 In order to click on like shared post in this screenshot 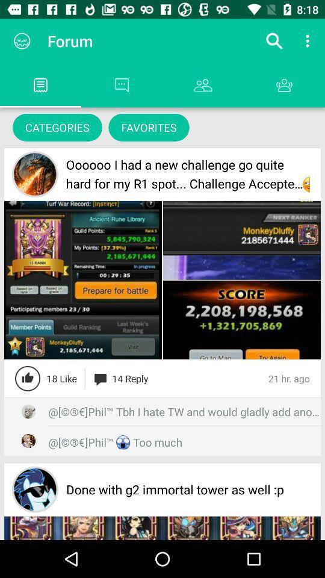, I will do `click(28, 378)`.